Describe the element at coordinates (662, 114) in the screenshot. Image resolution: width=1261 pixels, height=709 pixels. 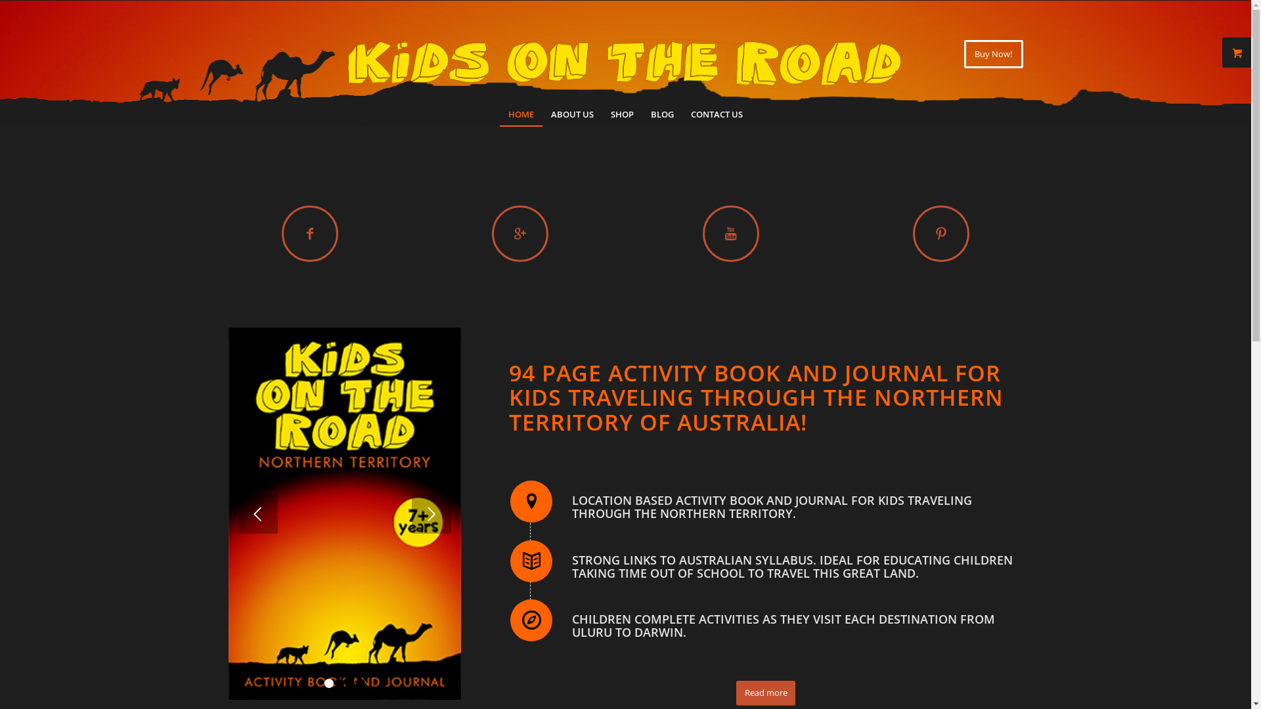
I see `'BLOG'` at that location.